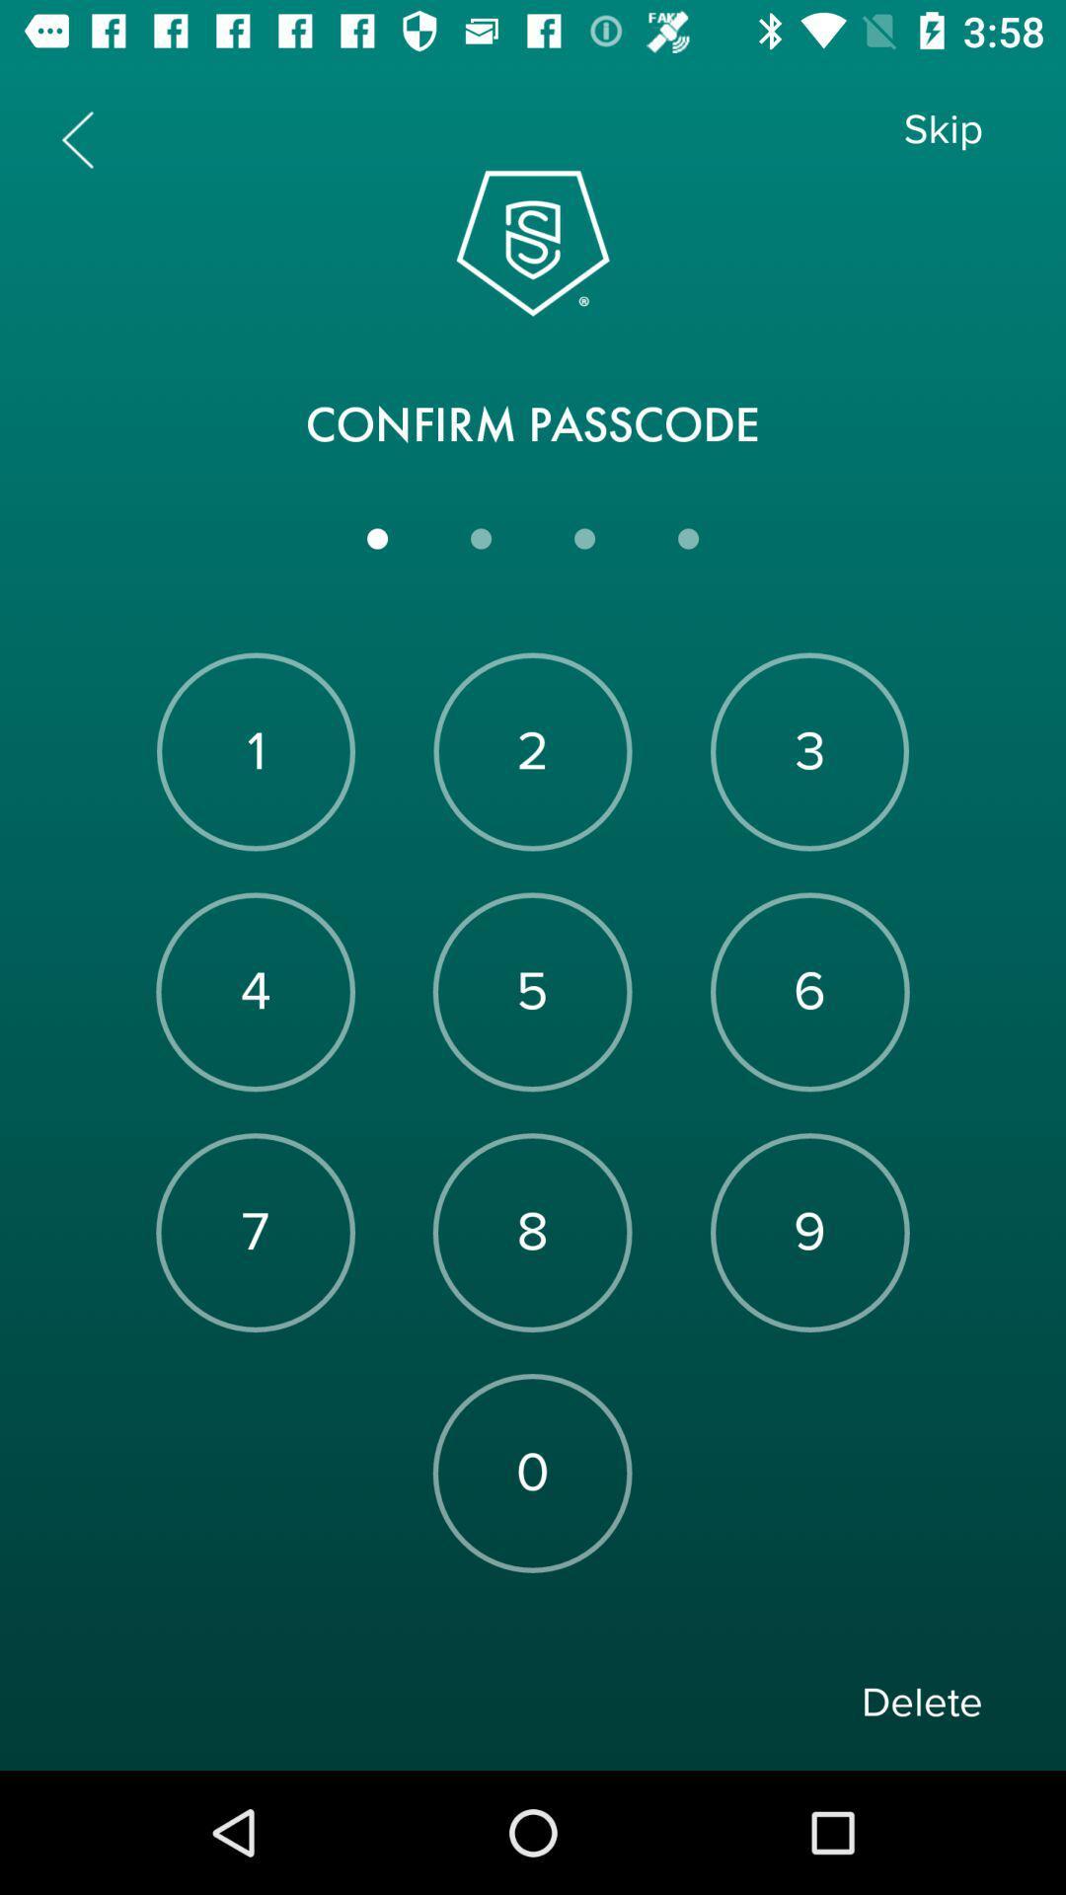 Image resolution: width=1066 pixels, height=1895 pixels. Describe the element at coordinates (76, 138) in the screenshot. I see `previous page` at that location.